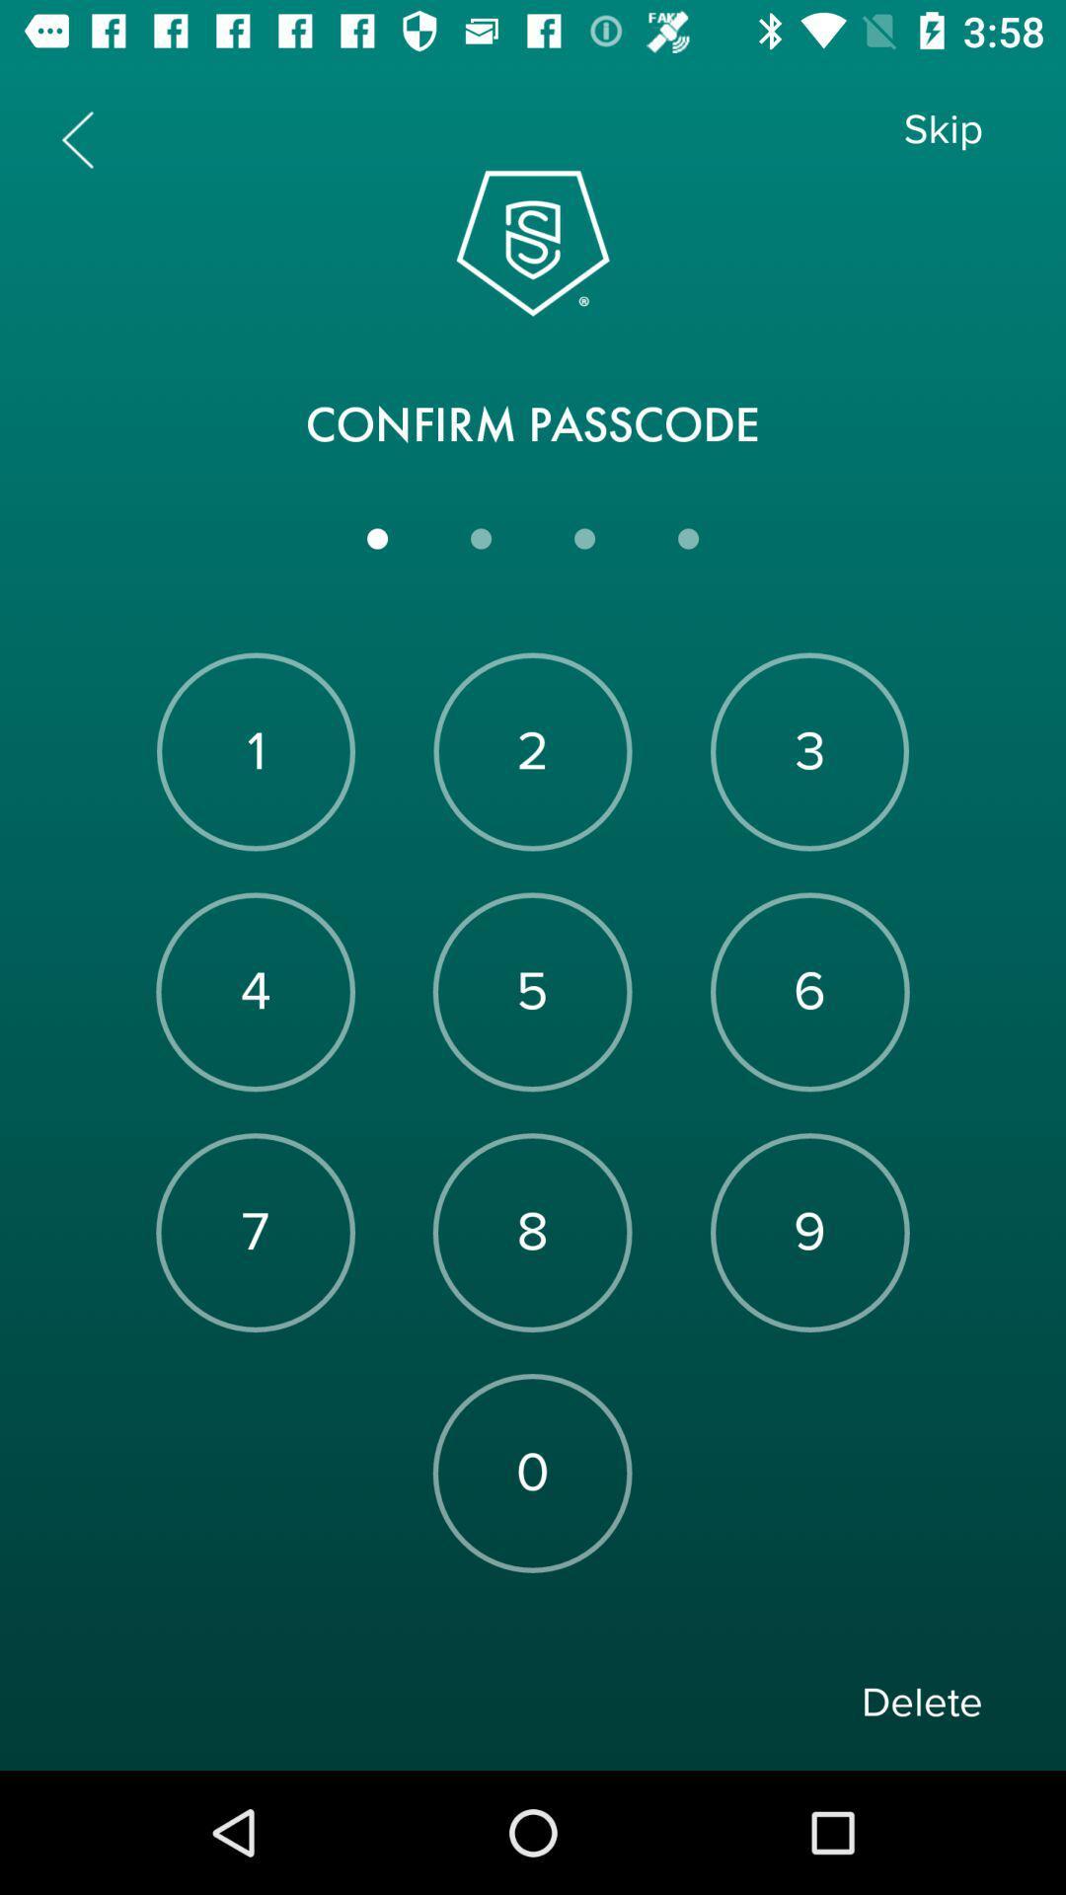 Image resolution: width=1066 pixels, height=1895 pixels. Describe the element at coordinates (76, 138) in the screenshot. I see `previous page` at that location.